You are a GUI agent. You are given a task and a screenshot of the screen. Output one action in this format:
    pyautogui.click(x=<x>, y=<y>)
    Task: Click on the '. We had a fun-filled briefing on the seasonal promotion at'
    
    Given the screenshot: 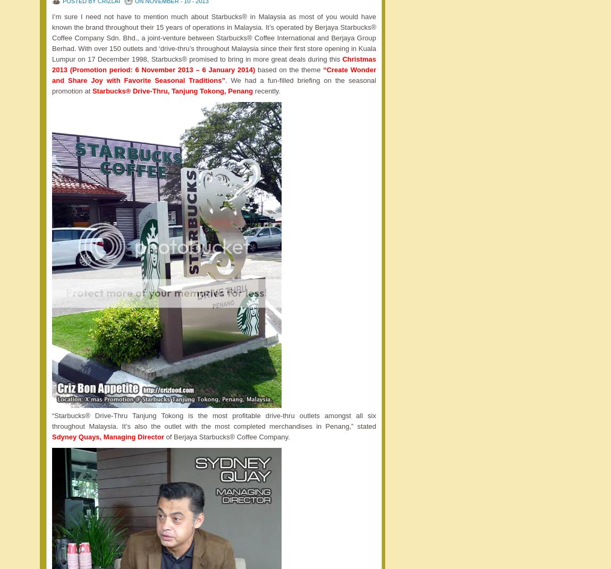 What is the action you would take?
    pyautogui.click(x=214, y=85)
    